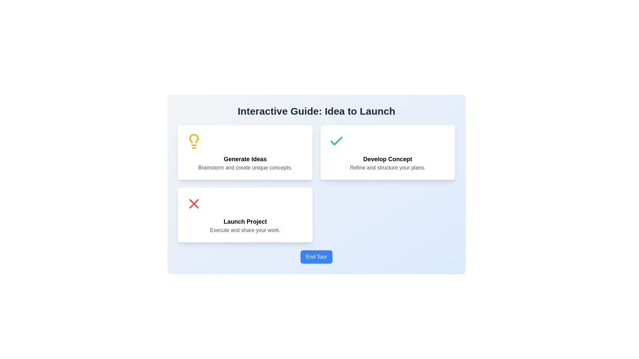  Describe the element at coordinates (316, 256) in the screenshot. I see `the button located centrally at the bottom of the interface to end the currently displayed tour or session` at that location.